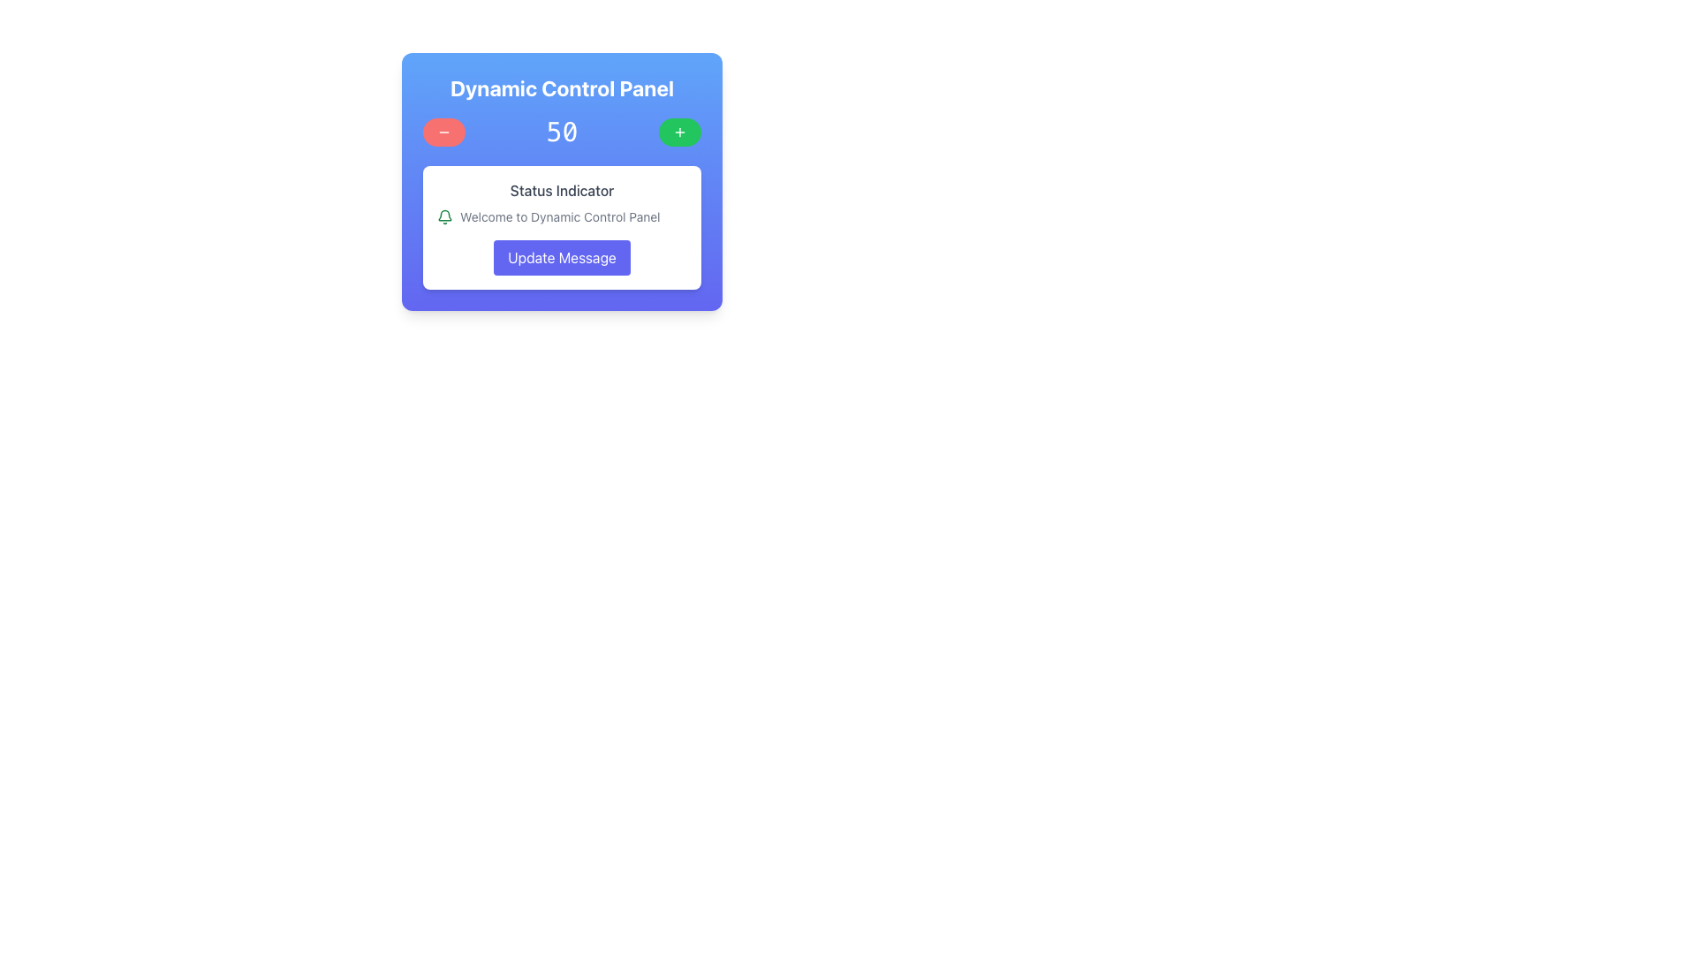 The image size is (1696, 954). What do you see at coordinates (561, 132) in the screenshot?
I see `the central numeric display labeled '50', which is styled in bold white monospaced font on a light blue background, situated between a red circular button and a green circular button` at bounding box center [561, 132].